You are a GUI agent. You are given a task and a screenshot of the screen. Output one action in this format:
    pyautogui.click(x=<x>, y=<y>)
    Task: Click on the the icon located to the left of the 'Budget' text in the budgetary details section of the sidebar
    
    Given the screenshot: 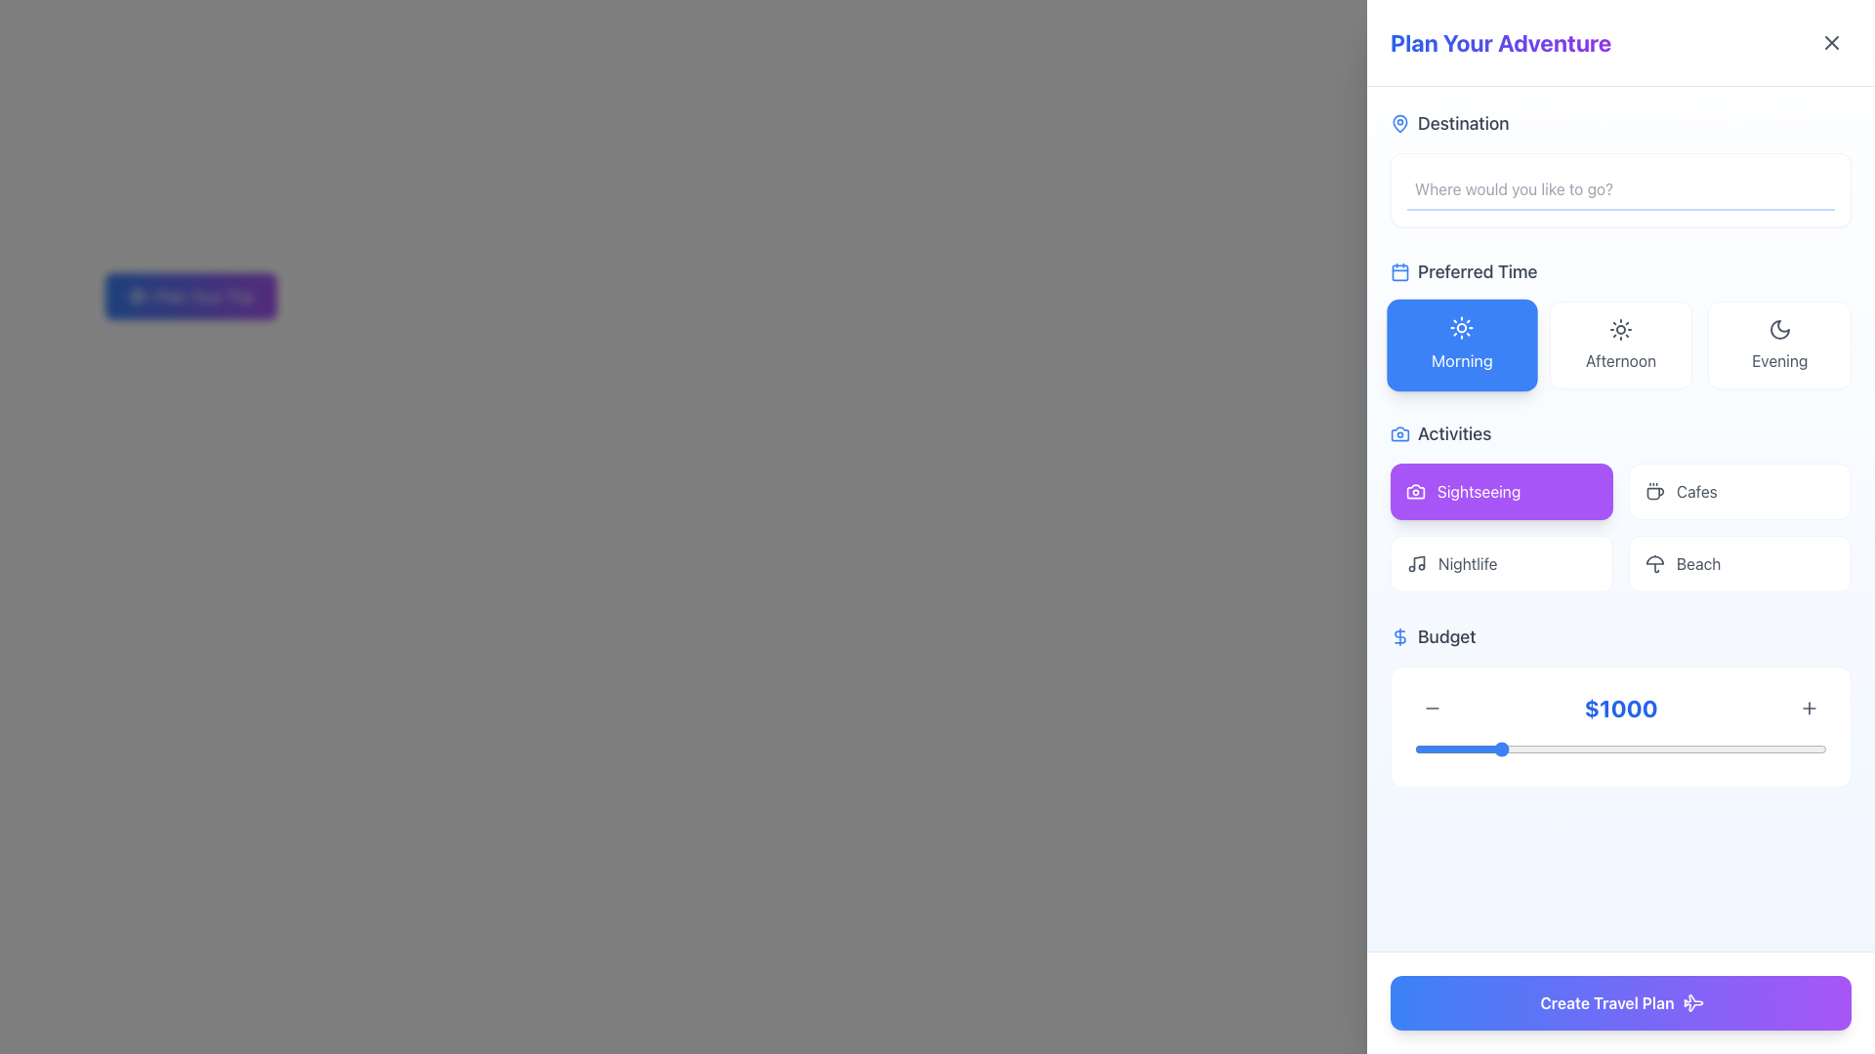 What is the action you would take?
    pyautogui.click(x=1399, y=636)
    